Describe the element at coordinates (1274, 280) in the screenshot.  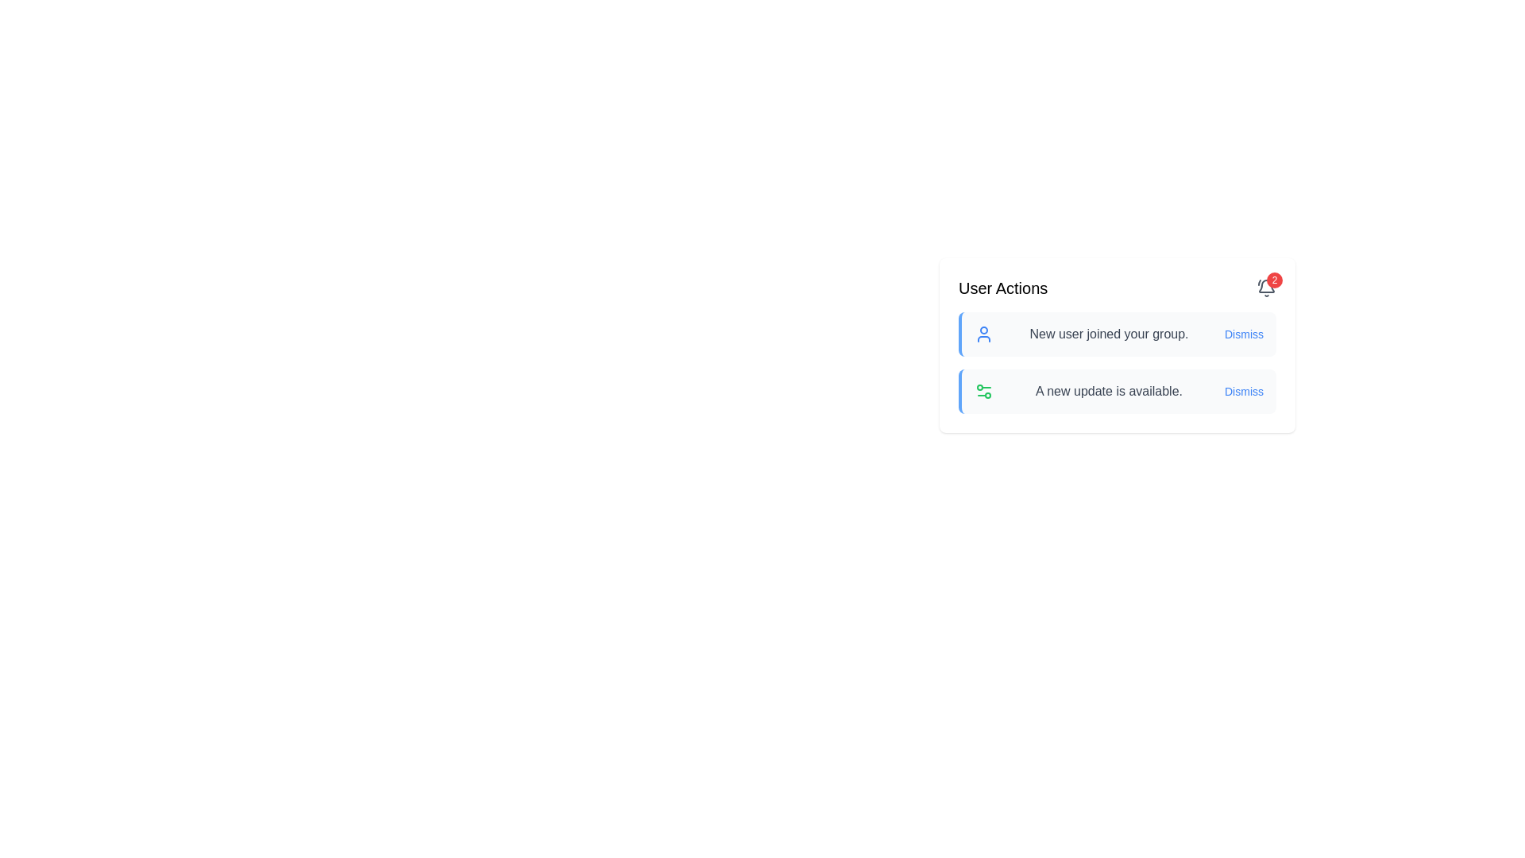
I see `the red circular badge with the text '2' located at the top-right corner of the bell icon, which indicates a notification count` at that location.